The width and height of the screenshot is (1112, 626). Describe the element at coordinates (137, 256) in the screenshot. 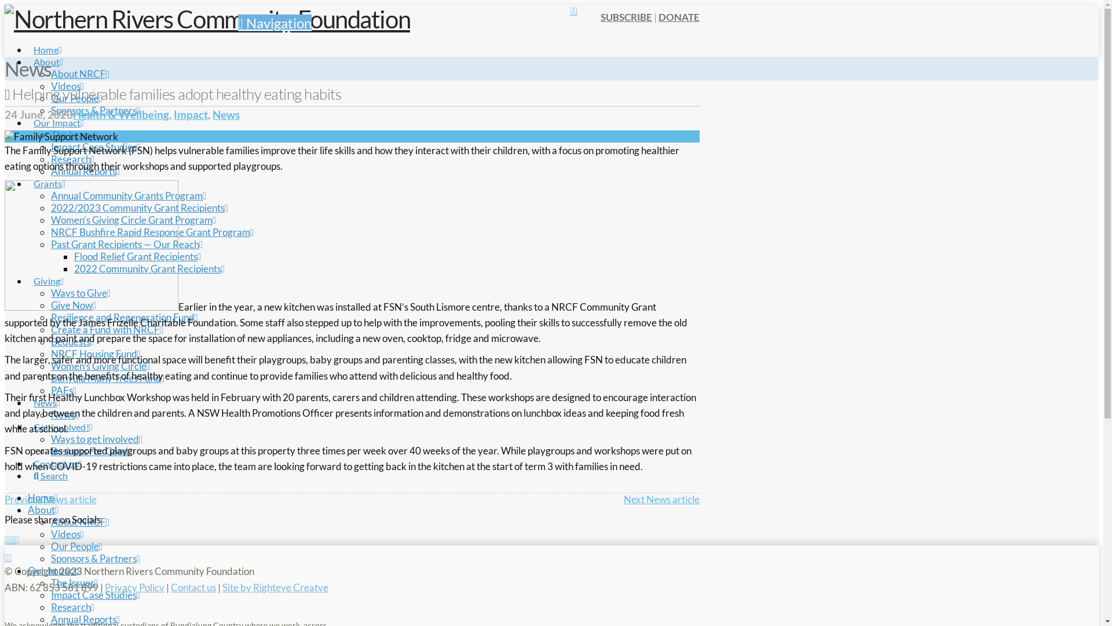

I see `'Flood Relief Grant Recipients'` at that location.